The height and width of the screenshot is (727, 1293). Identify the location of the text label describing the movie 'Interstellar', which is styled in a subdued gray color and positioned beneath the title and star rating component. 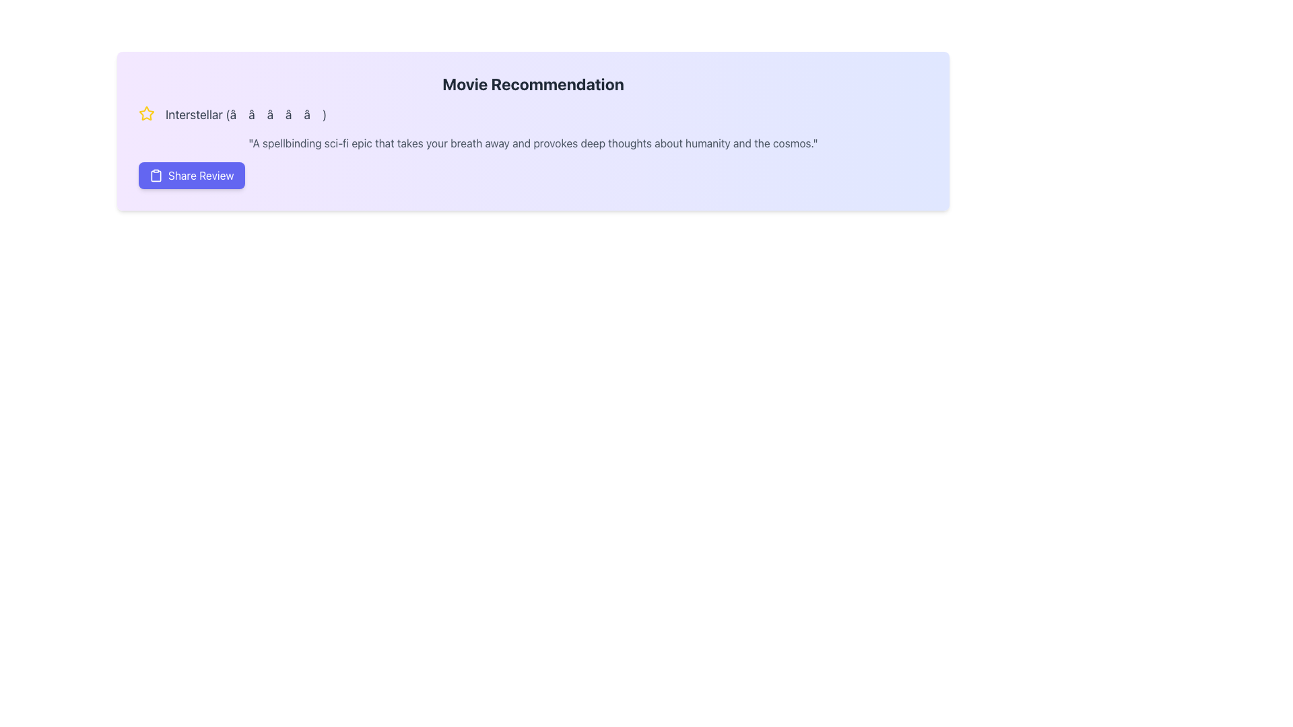
(533, 143).